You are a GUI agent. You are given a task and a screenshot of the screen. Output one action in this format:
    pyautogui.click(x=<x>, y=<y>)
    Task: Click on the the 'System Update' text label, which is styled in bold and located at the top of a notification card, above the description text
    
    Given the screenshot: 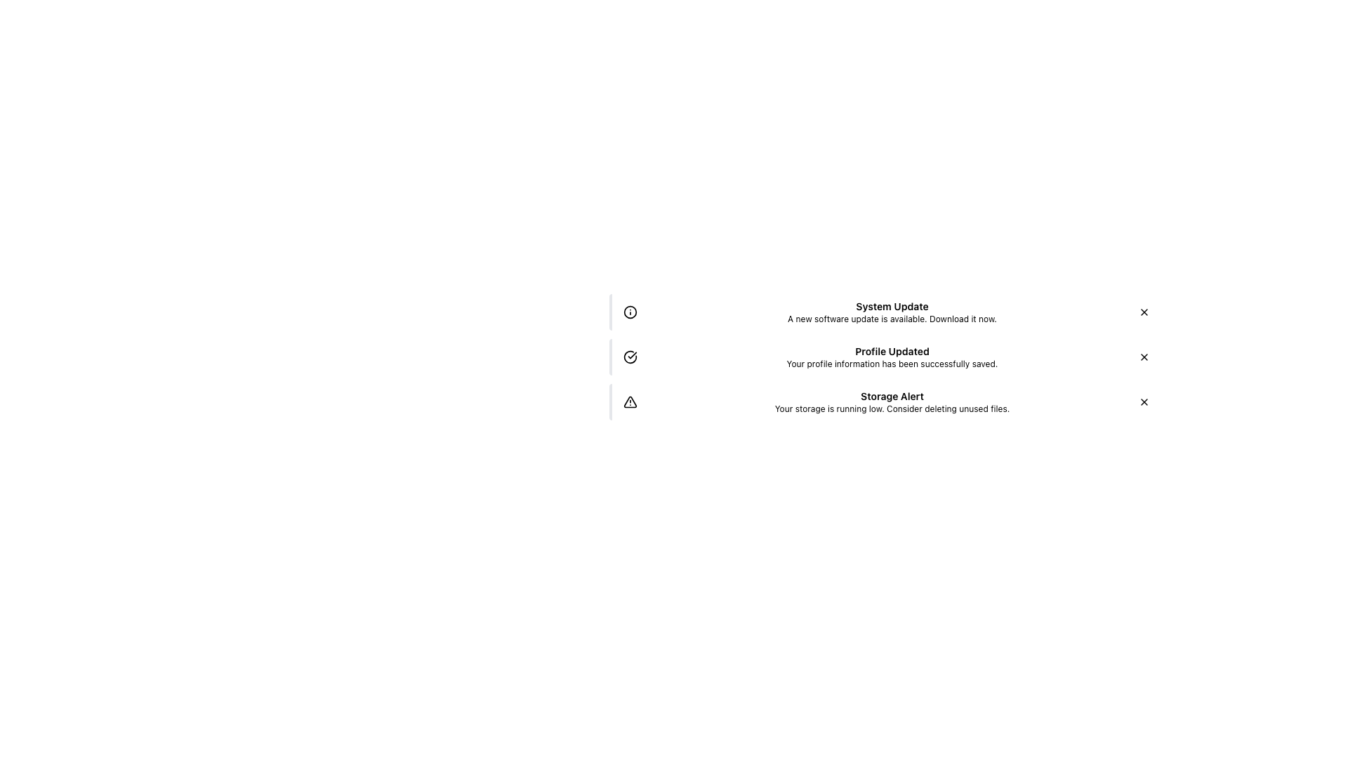 What is the action you would take?
    pyautogui.click(x=892, y=305)
    